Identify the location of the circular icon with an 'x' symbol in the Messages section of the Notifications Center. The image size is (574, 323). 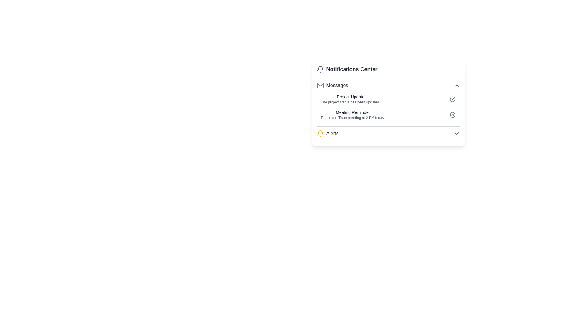
(452, 99).